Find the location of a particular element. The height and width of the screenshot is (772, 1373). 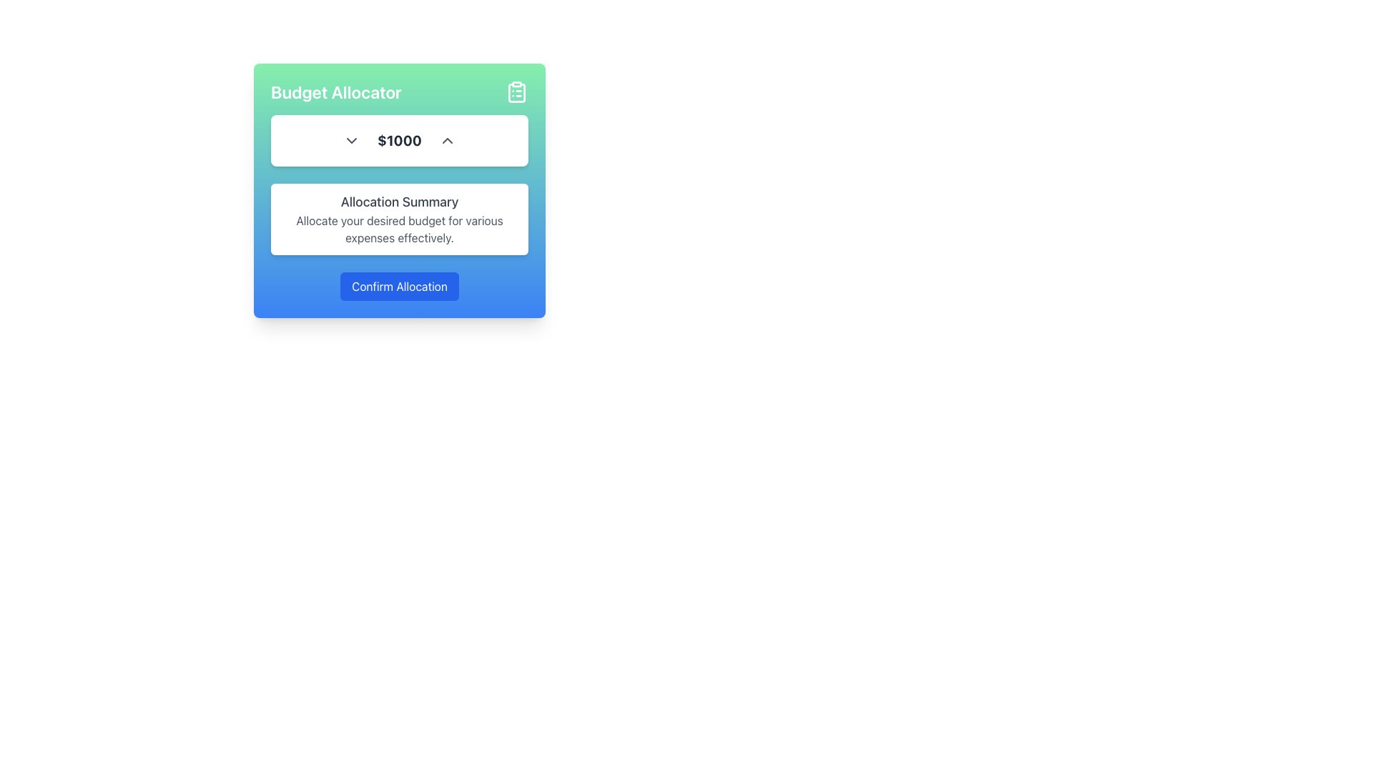

the confirmation button located at the bottom of the allocation panel to observe its hover effects is located at coordinates (399, 287).